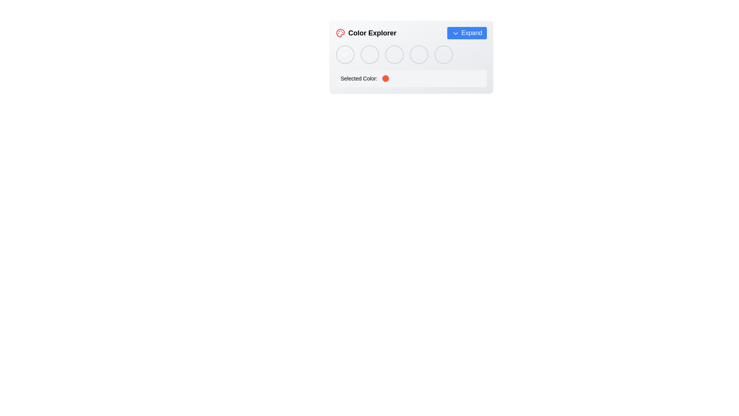  I want to click on the first circular button located at the far-left of the horizontally aligned set of buttons under the 'Color Explorer' section, so click(345, 54).